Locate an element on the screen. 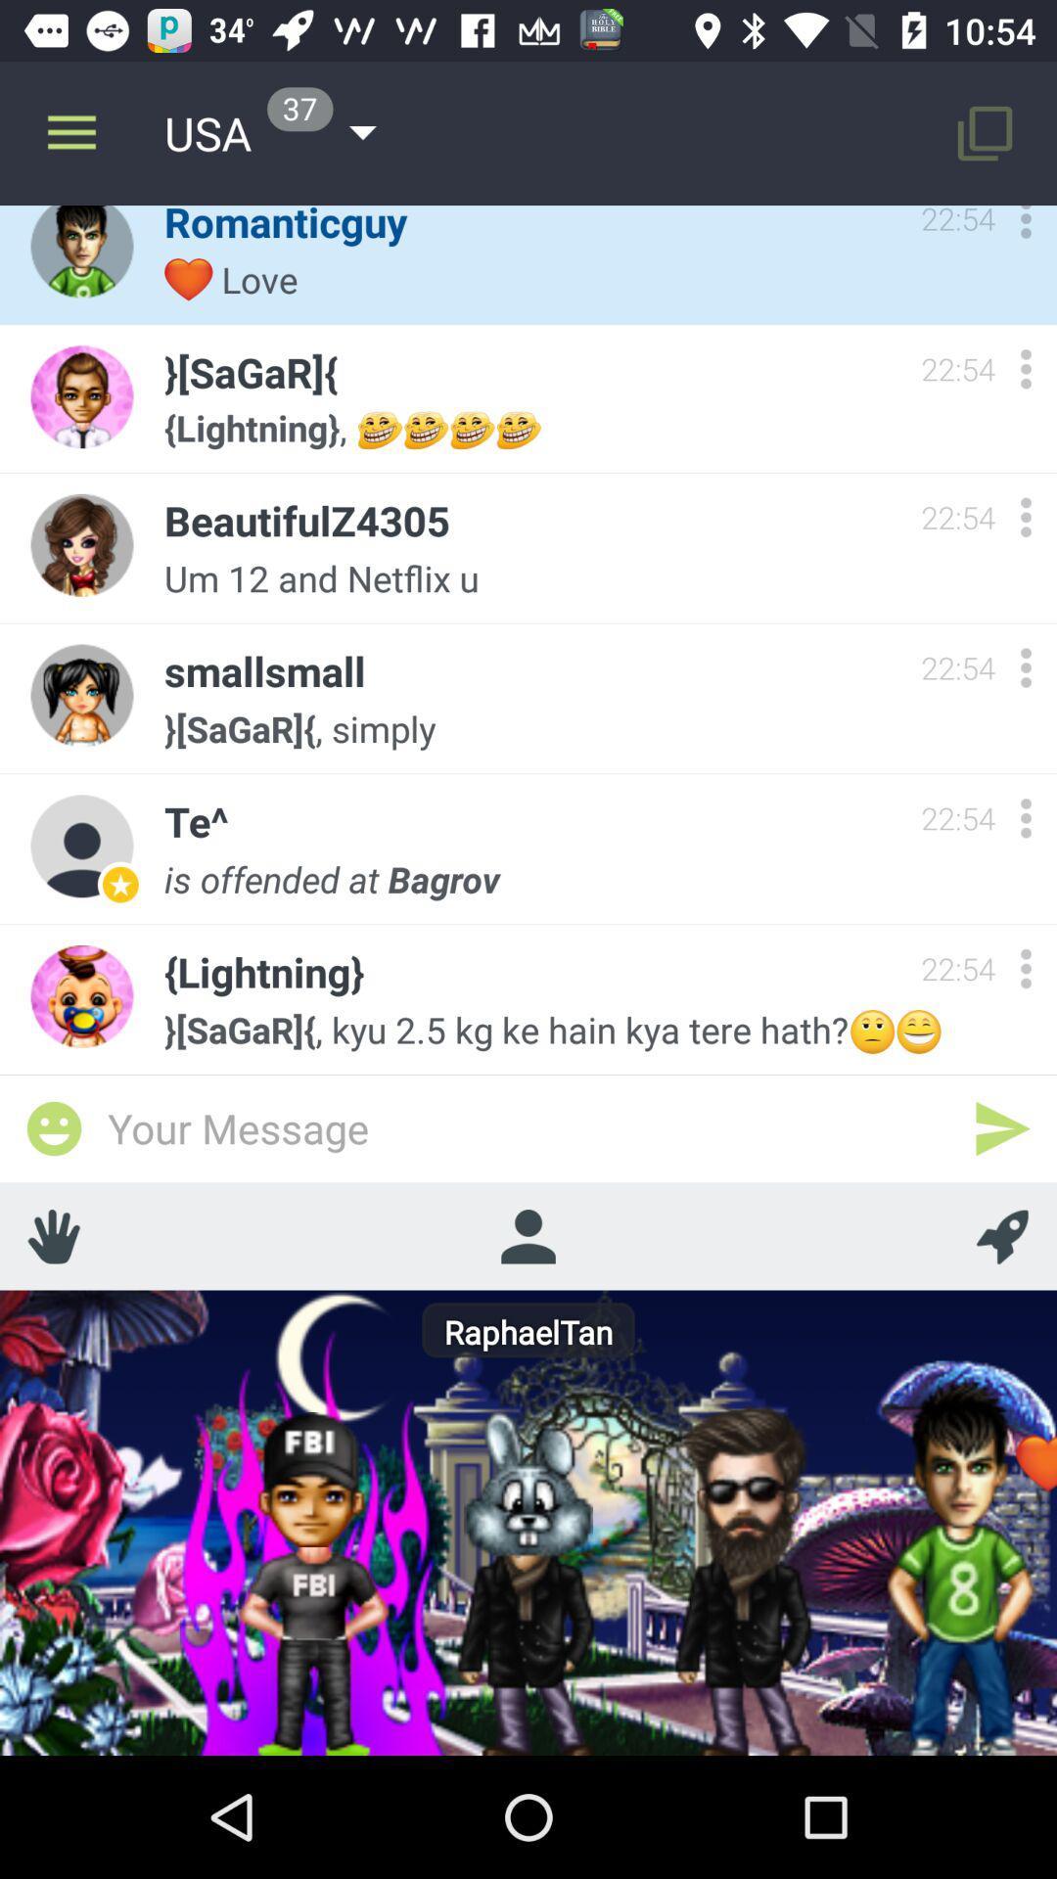 The image size is (1057, 1879). option button is located at coordinates (1025, 369).